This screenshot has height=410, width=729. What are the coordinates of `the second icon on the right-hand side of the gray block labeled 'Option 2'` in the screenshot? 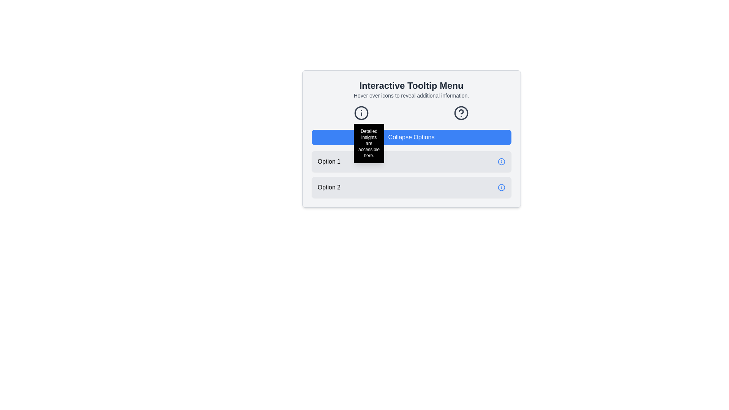 It's located at (501, 187).